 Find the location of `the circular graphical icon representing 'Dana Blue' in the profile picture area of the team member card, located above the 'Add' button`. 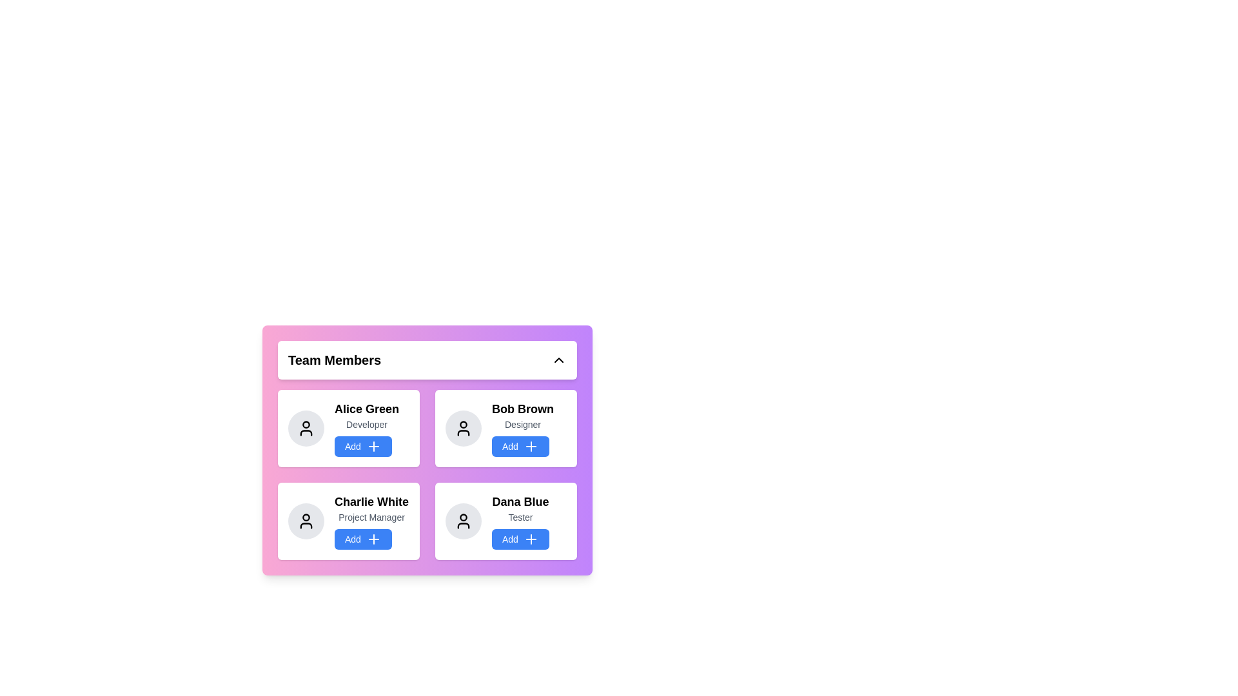

the circular graphical icon representing 'Dana Blue' in the profile picture area of the team member card, located above the 'Add' button is located at coordinates (464, 516).